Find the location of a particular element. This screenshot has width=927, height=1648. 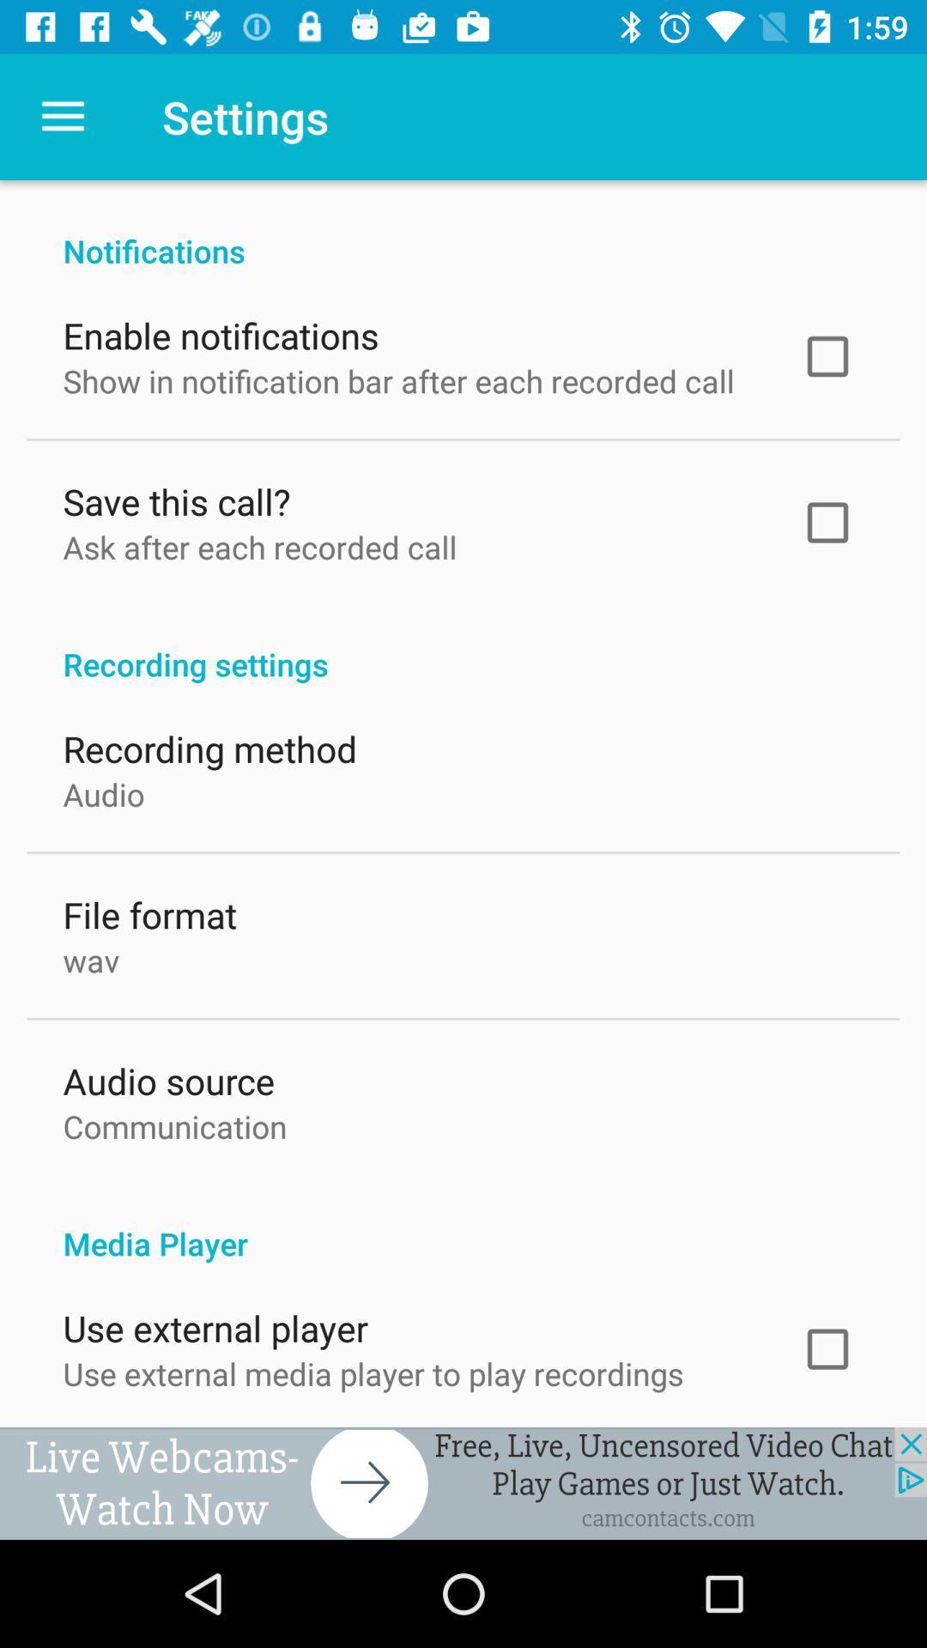

show in notification item is located at coordinates (398, 376).